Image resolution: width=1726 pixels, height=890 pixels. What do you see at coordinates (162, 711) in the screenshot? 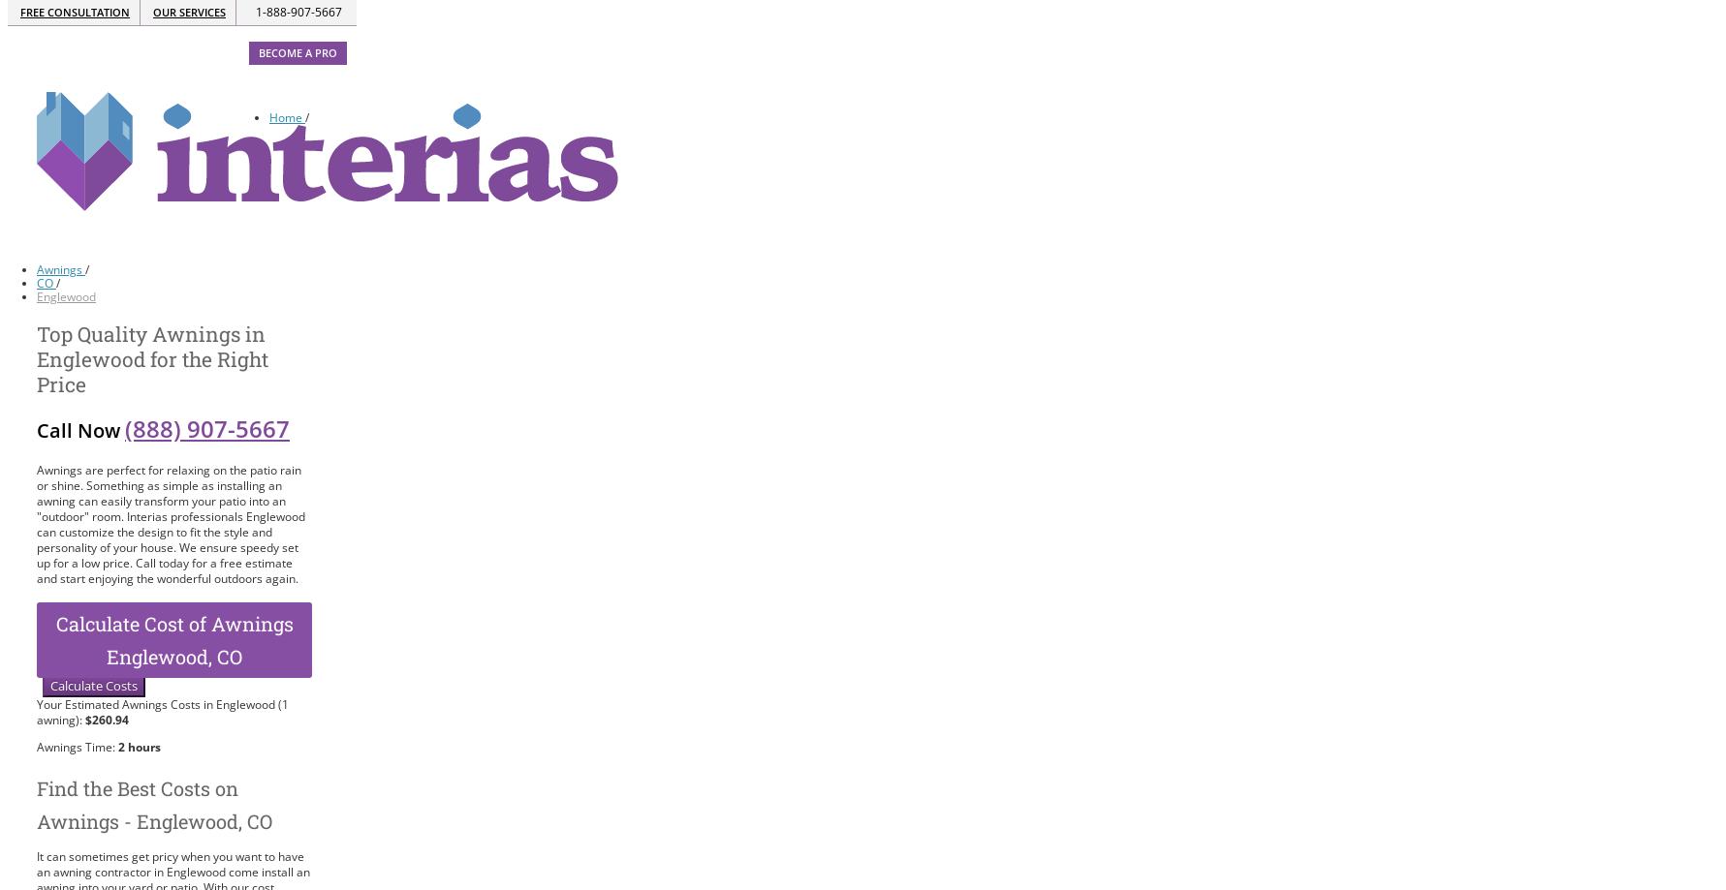
I see `'Your Estimated Awnings Costs in Englewood (1 awning):'` at bounding box center [162, 711].